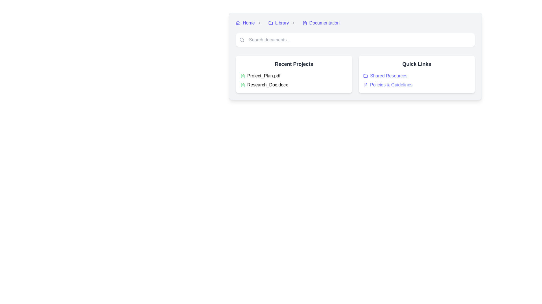 The image size is (542, 304). What do you see at coordinates (242, 76) in the screenshot?
I see `the green document icon associated with 'Project_Plan.pdf' located in the 'Recent Projects' section` at bounding box center [242, 76].